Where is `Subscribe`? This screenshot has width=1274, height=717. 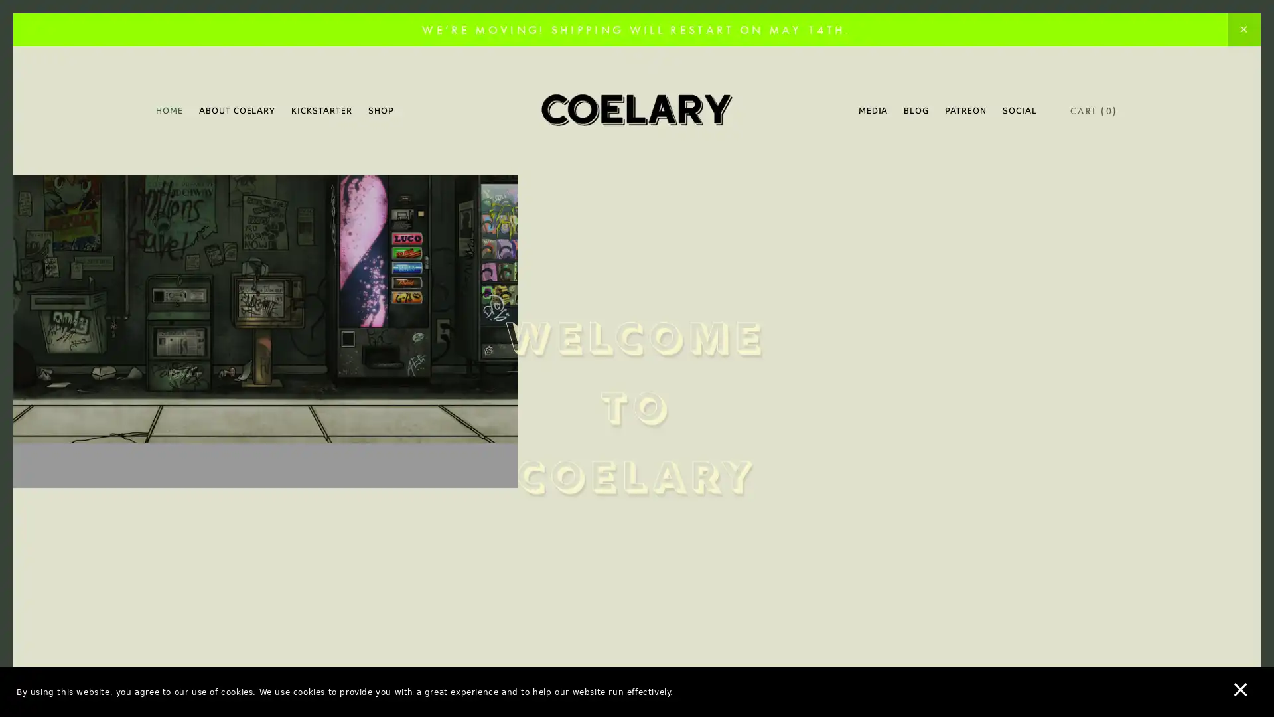
Subscribe is located at coordinates (761, 461).